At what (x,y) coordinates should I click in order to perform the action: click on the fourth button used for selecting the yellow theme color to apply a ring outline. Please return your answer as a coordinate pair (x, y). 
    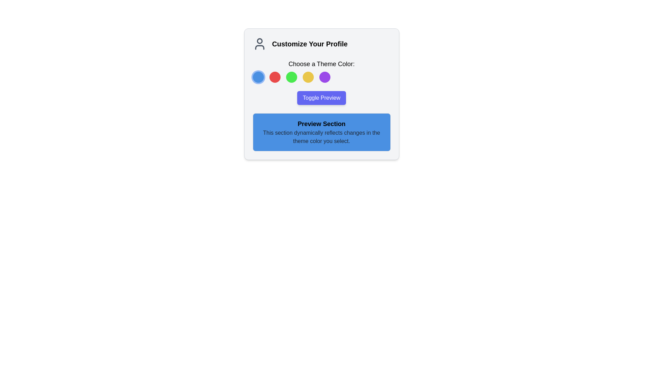
    Looking at the image, I should click on (308, 77).